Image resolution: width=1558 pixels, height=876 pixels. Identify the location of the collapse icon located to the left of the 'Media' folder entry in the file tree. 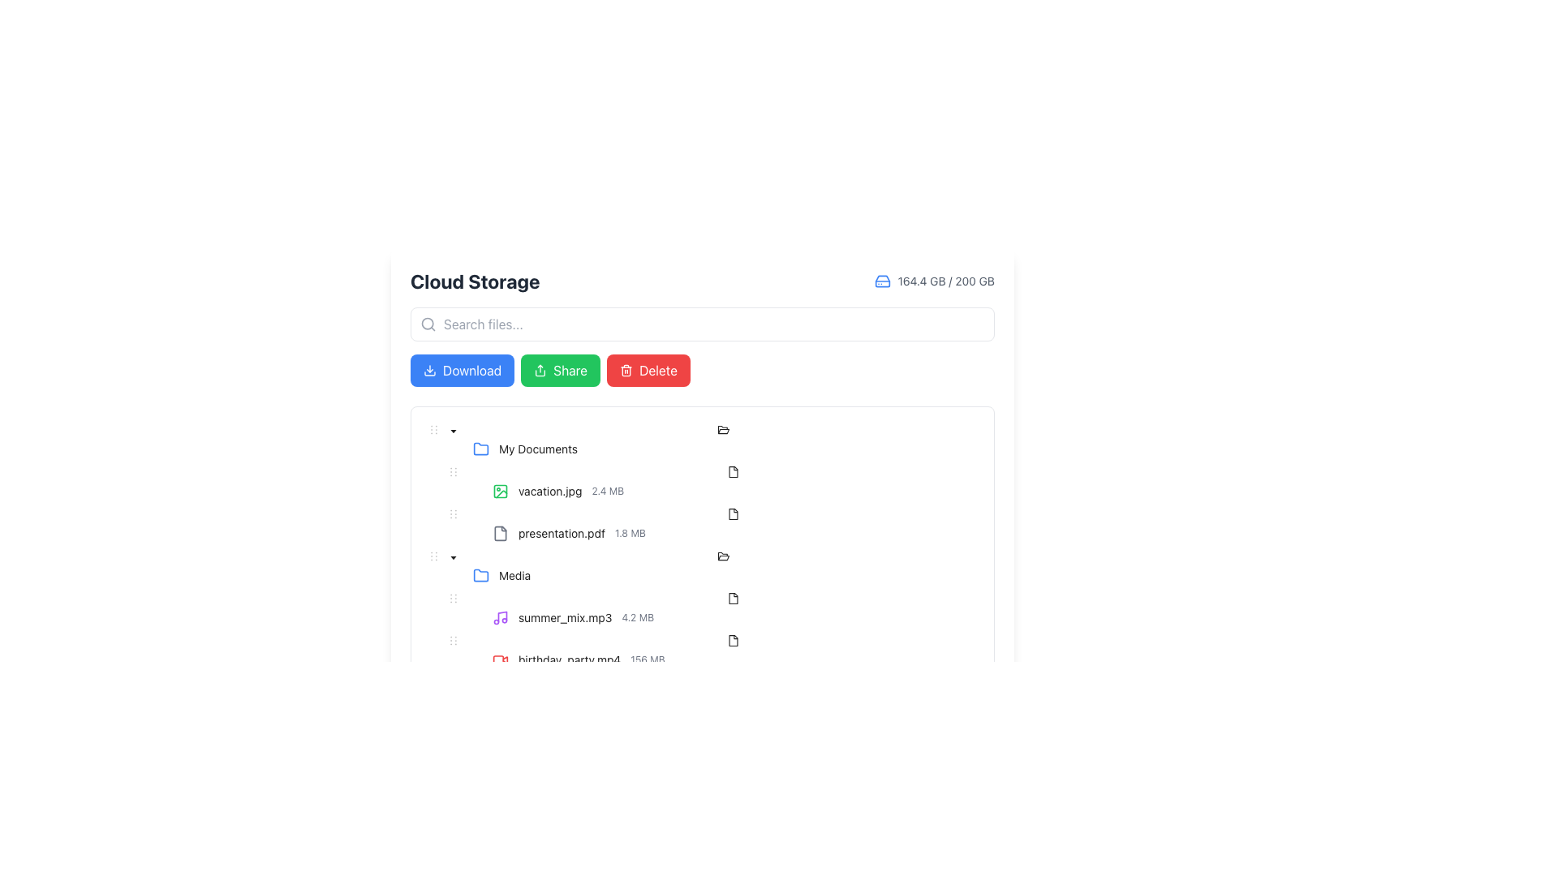
(453, 556).